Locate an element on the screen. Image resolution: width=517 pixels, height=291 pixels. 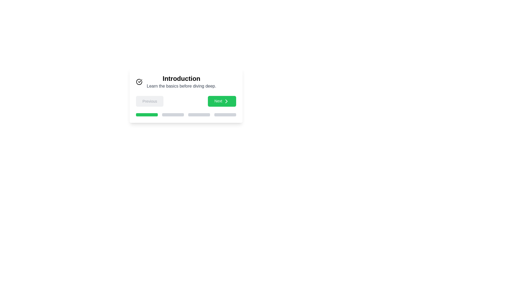
the 'Next' button to navigate to the next course is located at coordinates (222, 101).